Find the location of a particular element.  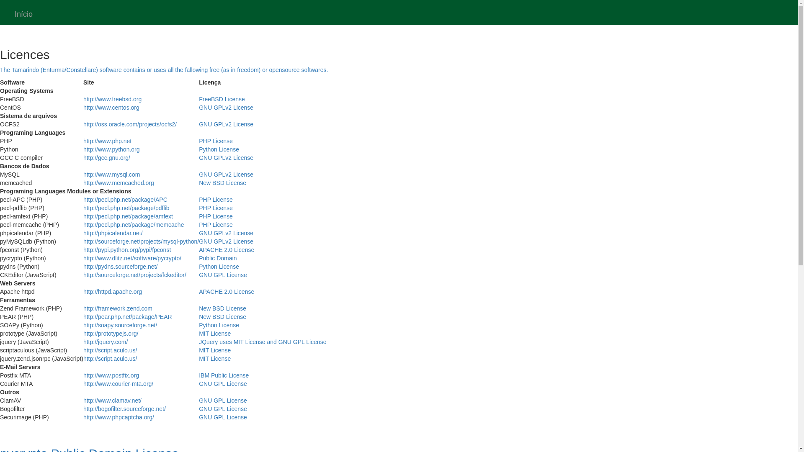

'http://pypi.python.org/pypi/fpconst' is located at coordinates (83, 249).